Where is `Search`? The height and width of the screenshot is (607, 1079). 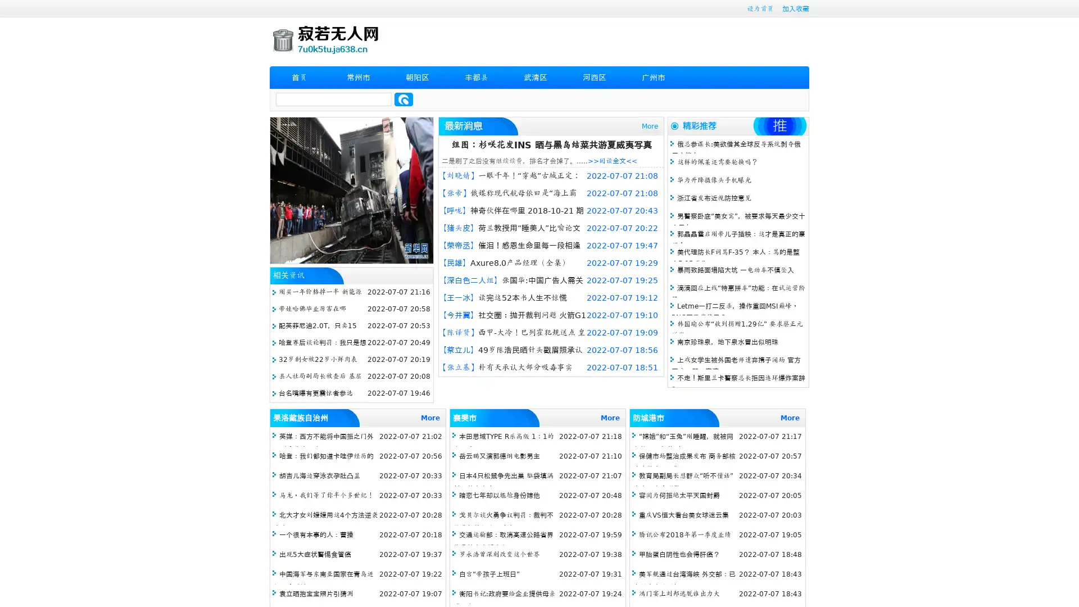 Search is located at coordinates (404, 99).